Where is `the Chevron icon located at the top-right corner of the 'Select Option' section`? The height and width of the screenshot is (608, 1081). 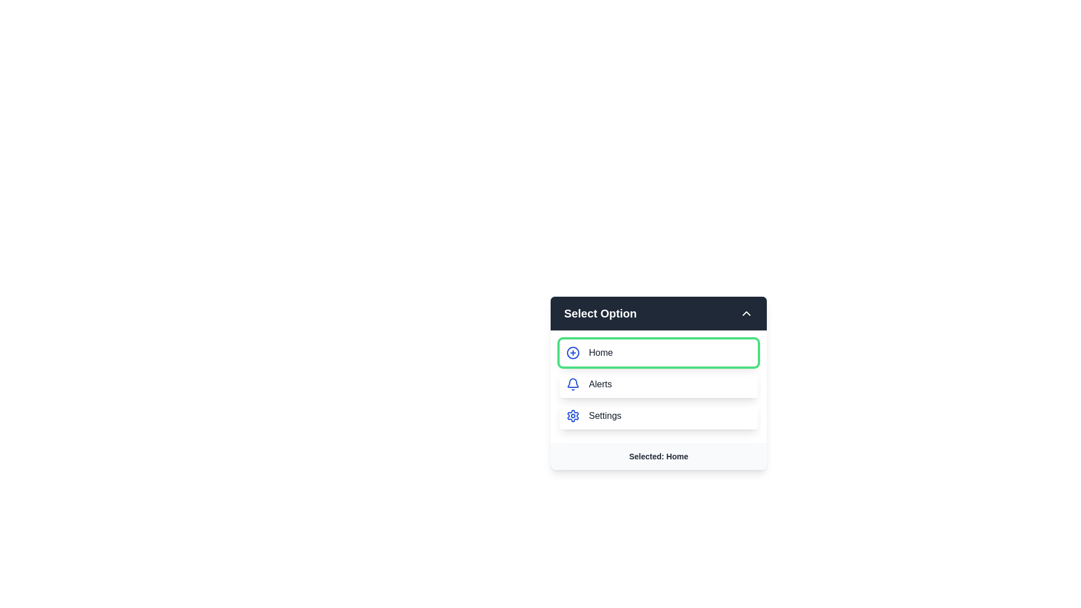 the Chevron icon located at the top-right corner of the 'Select Option' section is located at coordinates (746, 313).